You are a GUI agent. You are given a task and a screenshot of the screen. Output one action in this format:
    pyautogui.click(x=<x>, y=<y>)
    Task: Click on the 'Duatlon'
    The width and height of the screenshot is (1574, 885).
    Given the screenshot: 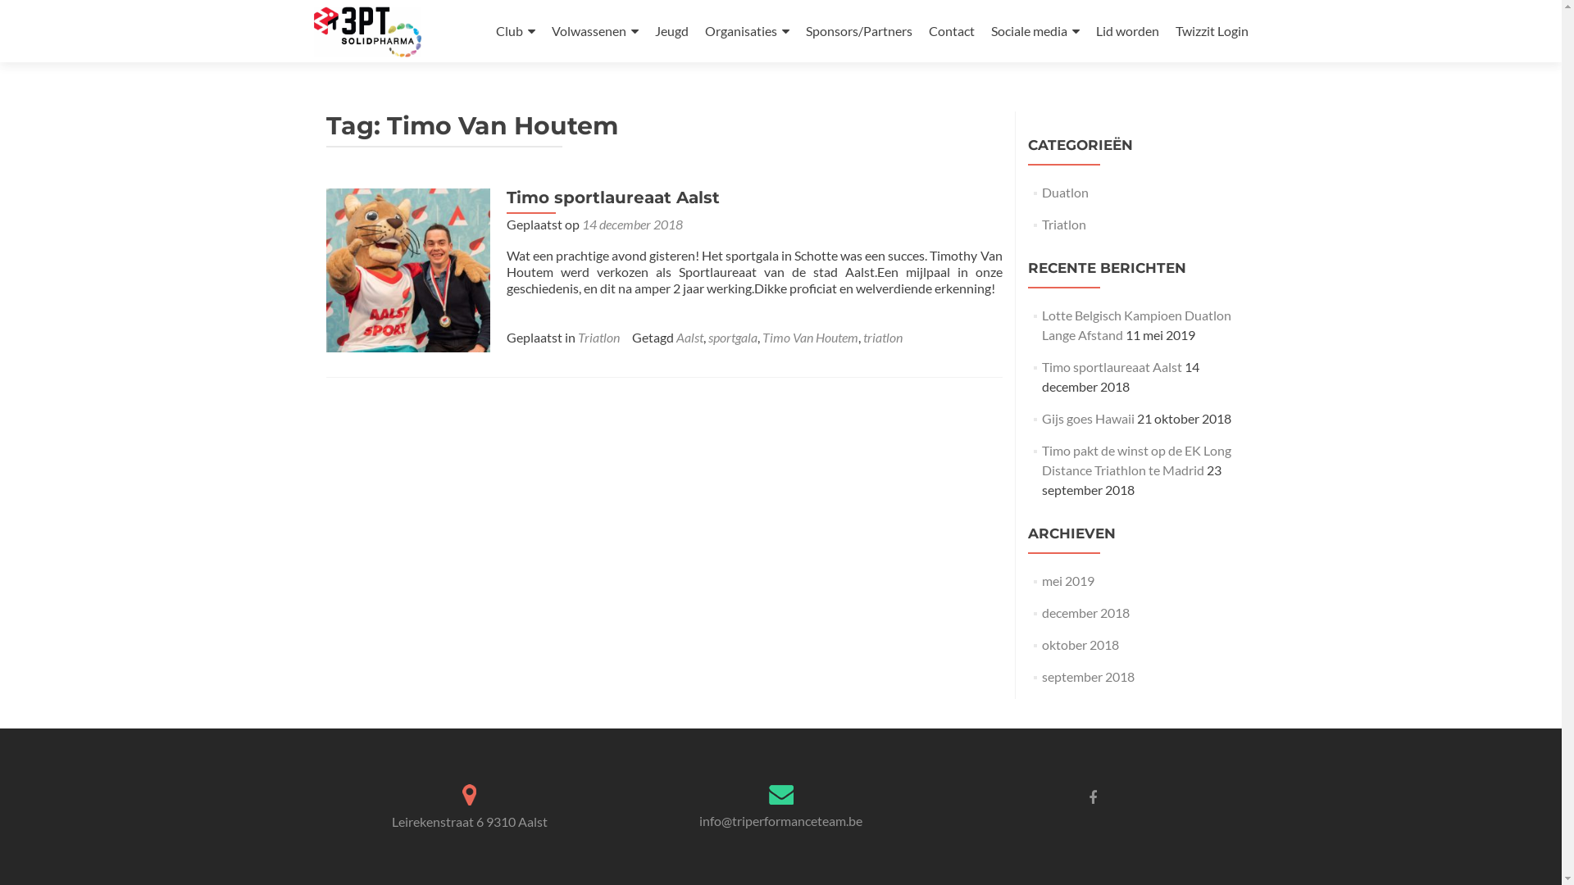 What is the action you would take?
    pyautogui.click(x=1065, y=191)
    